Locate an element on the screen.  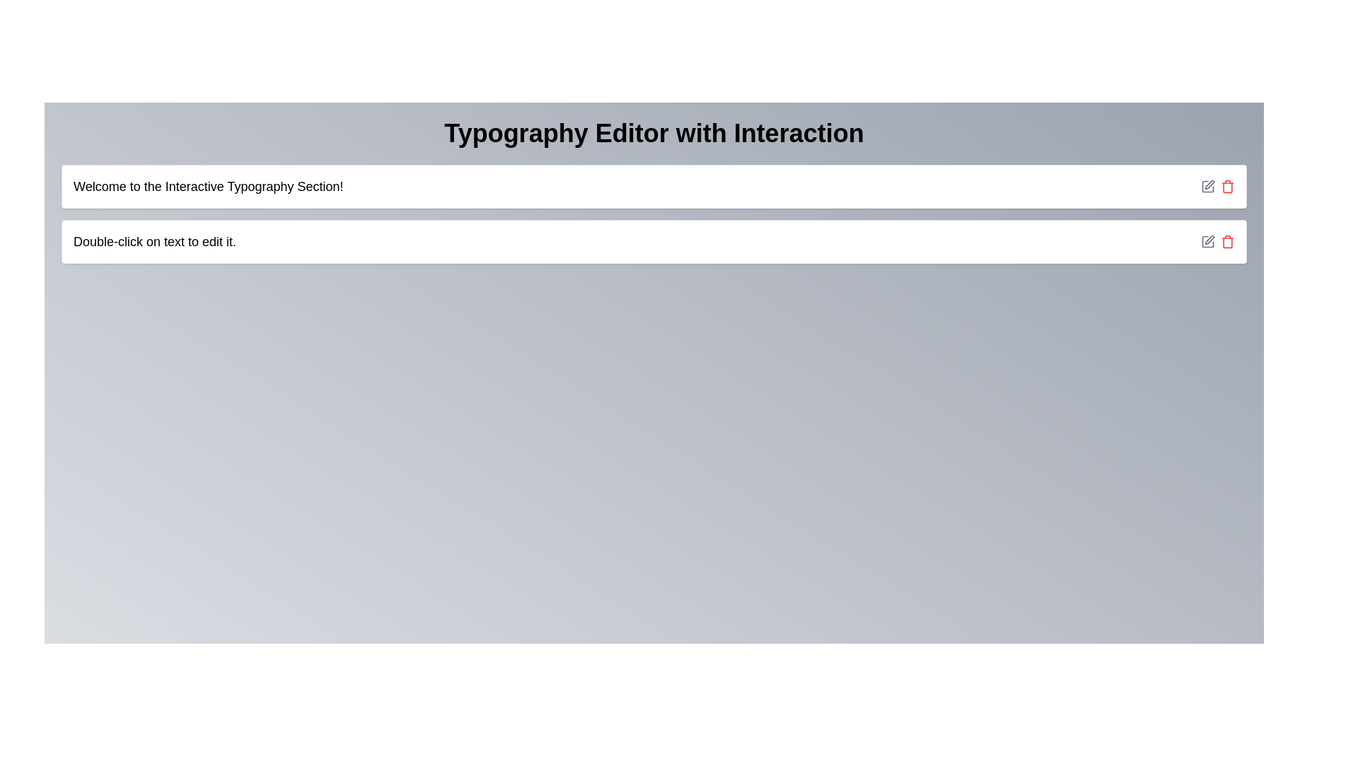
the delete icon button is located at coordinates (1227, 241).